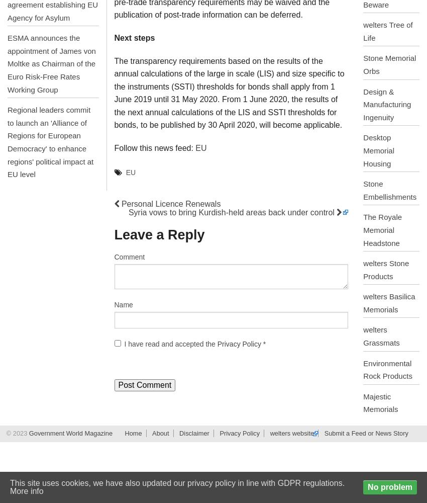 This screenshot has width=427, height=503. I want to click on 'Comment', so click(129, 257).